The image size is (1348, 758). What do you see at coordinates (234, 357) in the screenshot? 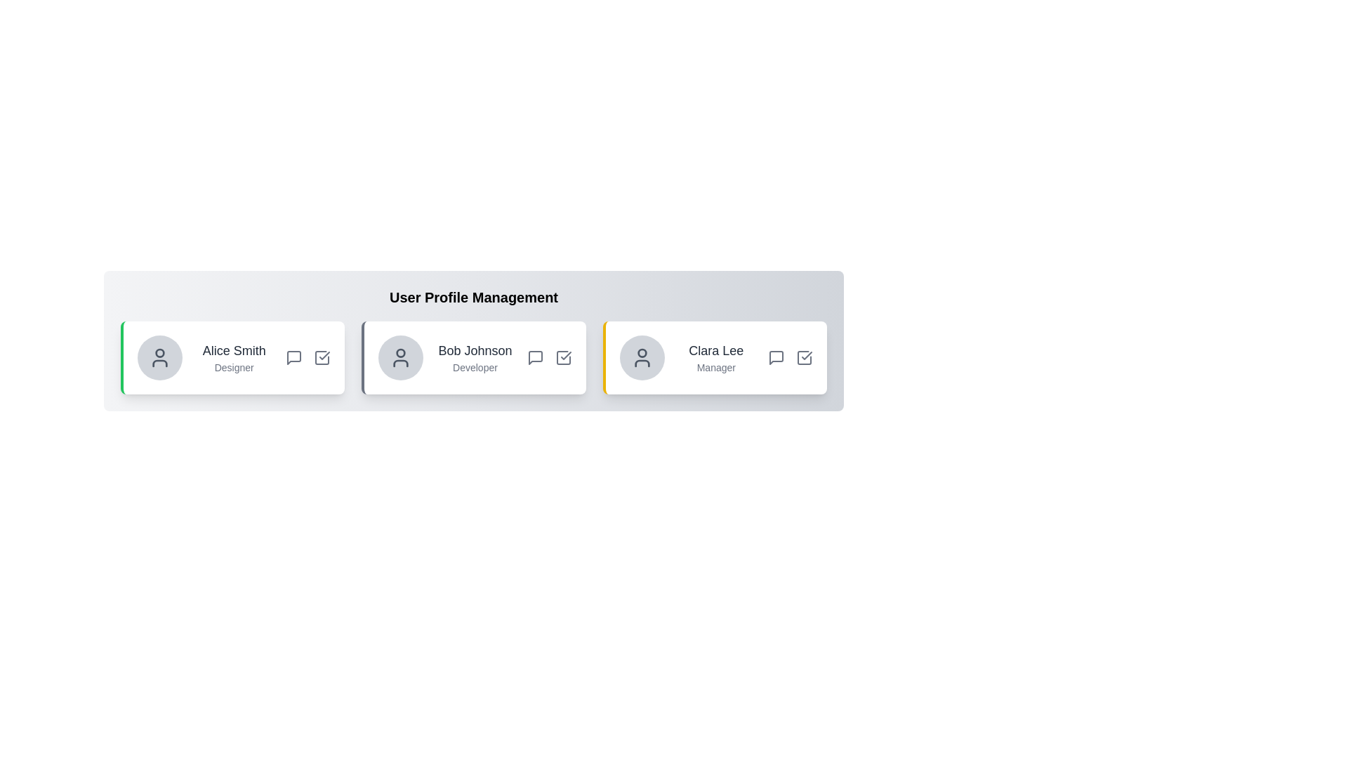
I see `text label that identifies the user's name and role, located in the first user profile card, centrally positioned within the card to the right of the avatar image` at bounding box center [234, 357].